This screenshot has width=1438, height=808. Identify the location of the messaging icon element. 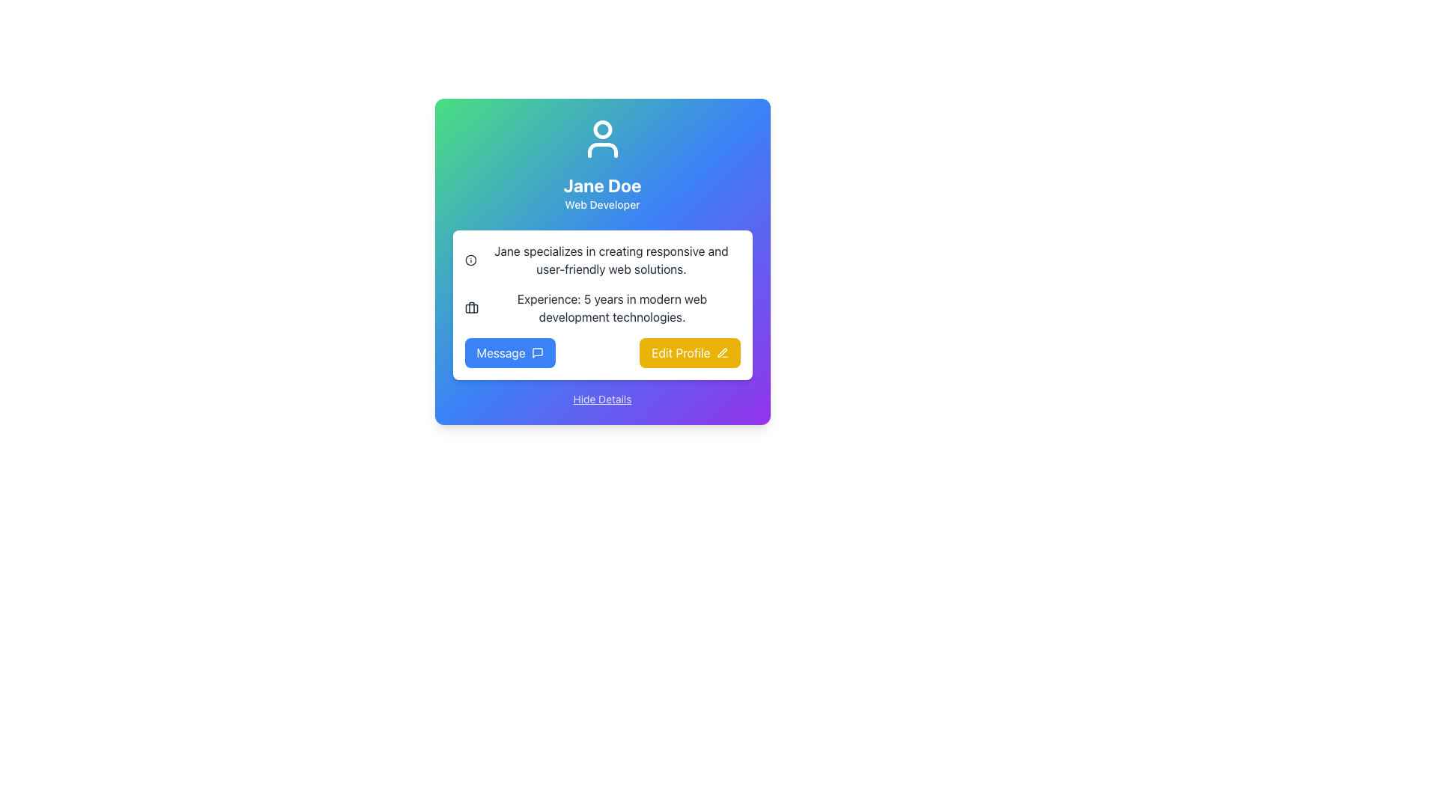
(537, 352).